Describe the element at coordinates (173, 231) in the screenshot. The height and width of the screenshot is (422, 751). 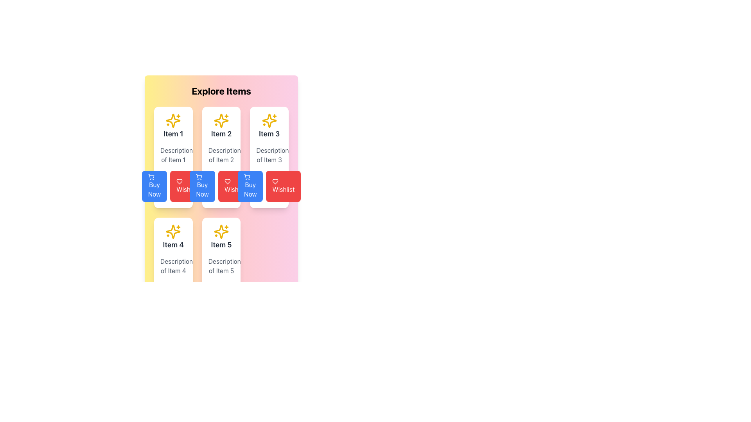
I see `the bright yellow sparkle icon located in the center of the card titled 'Item 4', which is situated above the 'Item 4' text` at that location.